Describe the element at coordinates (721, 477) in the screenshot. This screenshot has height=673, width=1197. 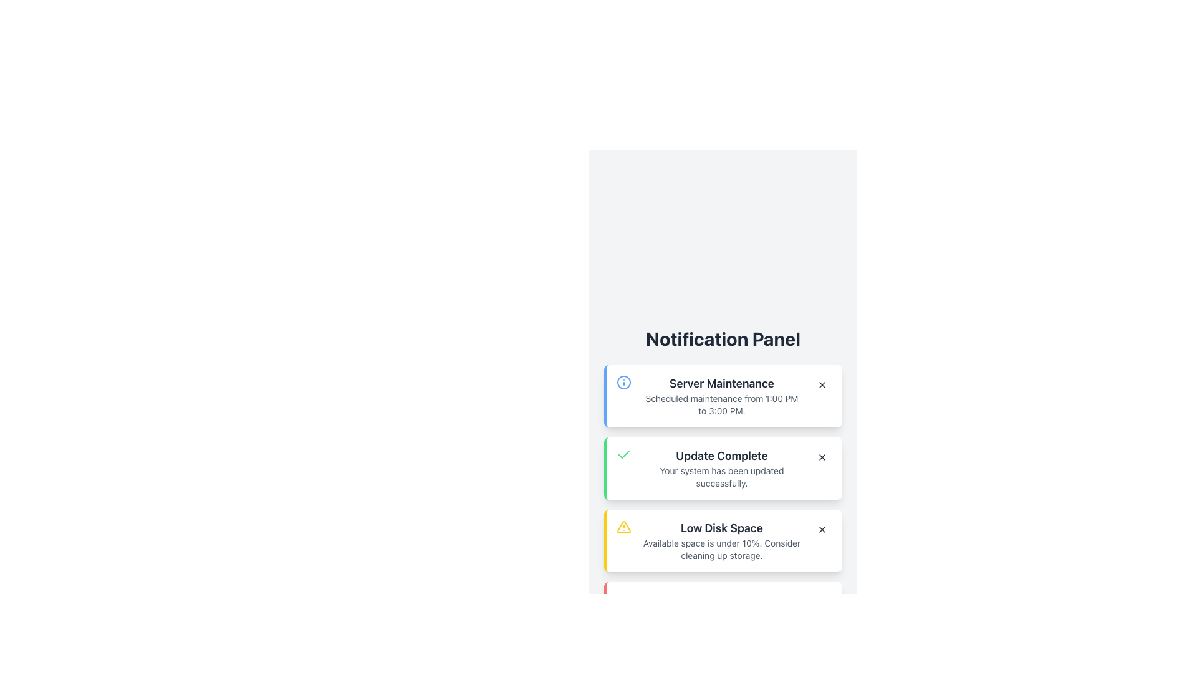
I see `status message from the static text label located below the 'Update Complete' title in the notification panel, which indicates that the system update process has been completed successfully` at that location.